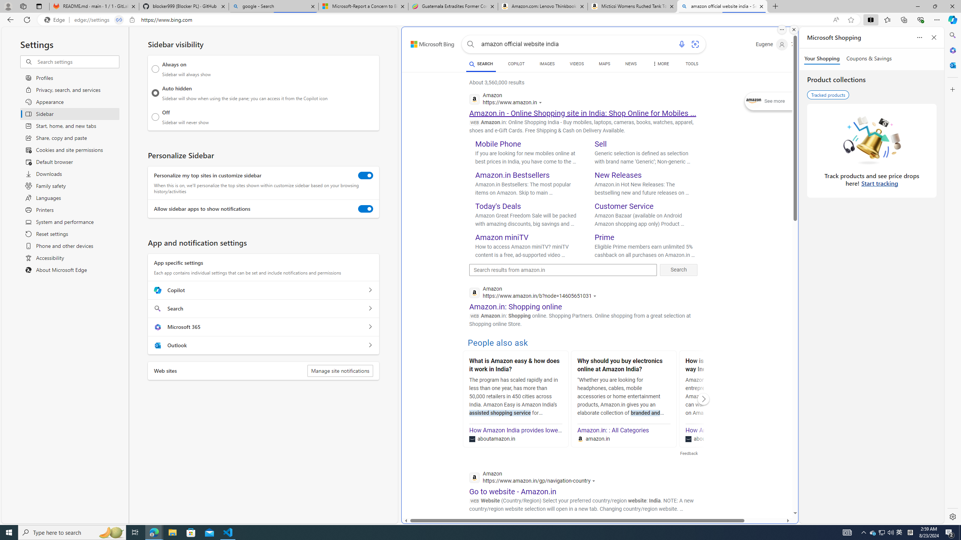  I want to click on 'SEARCH', so click(480, 63).